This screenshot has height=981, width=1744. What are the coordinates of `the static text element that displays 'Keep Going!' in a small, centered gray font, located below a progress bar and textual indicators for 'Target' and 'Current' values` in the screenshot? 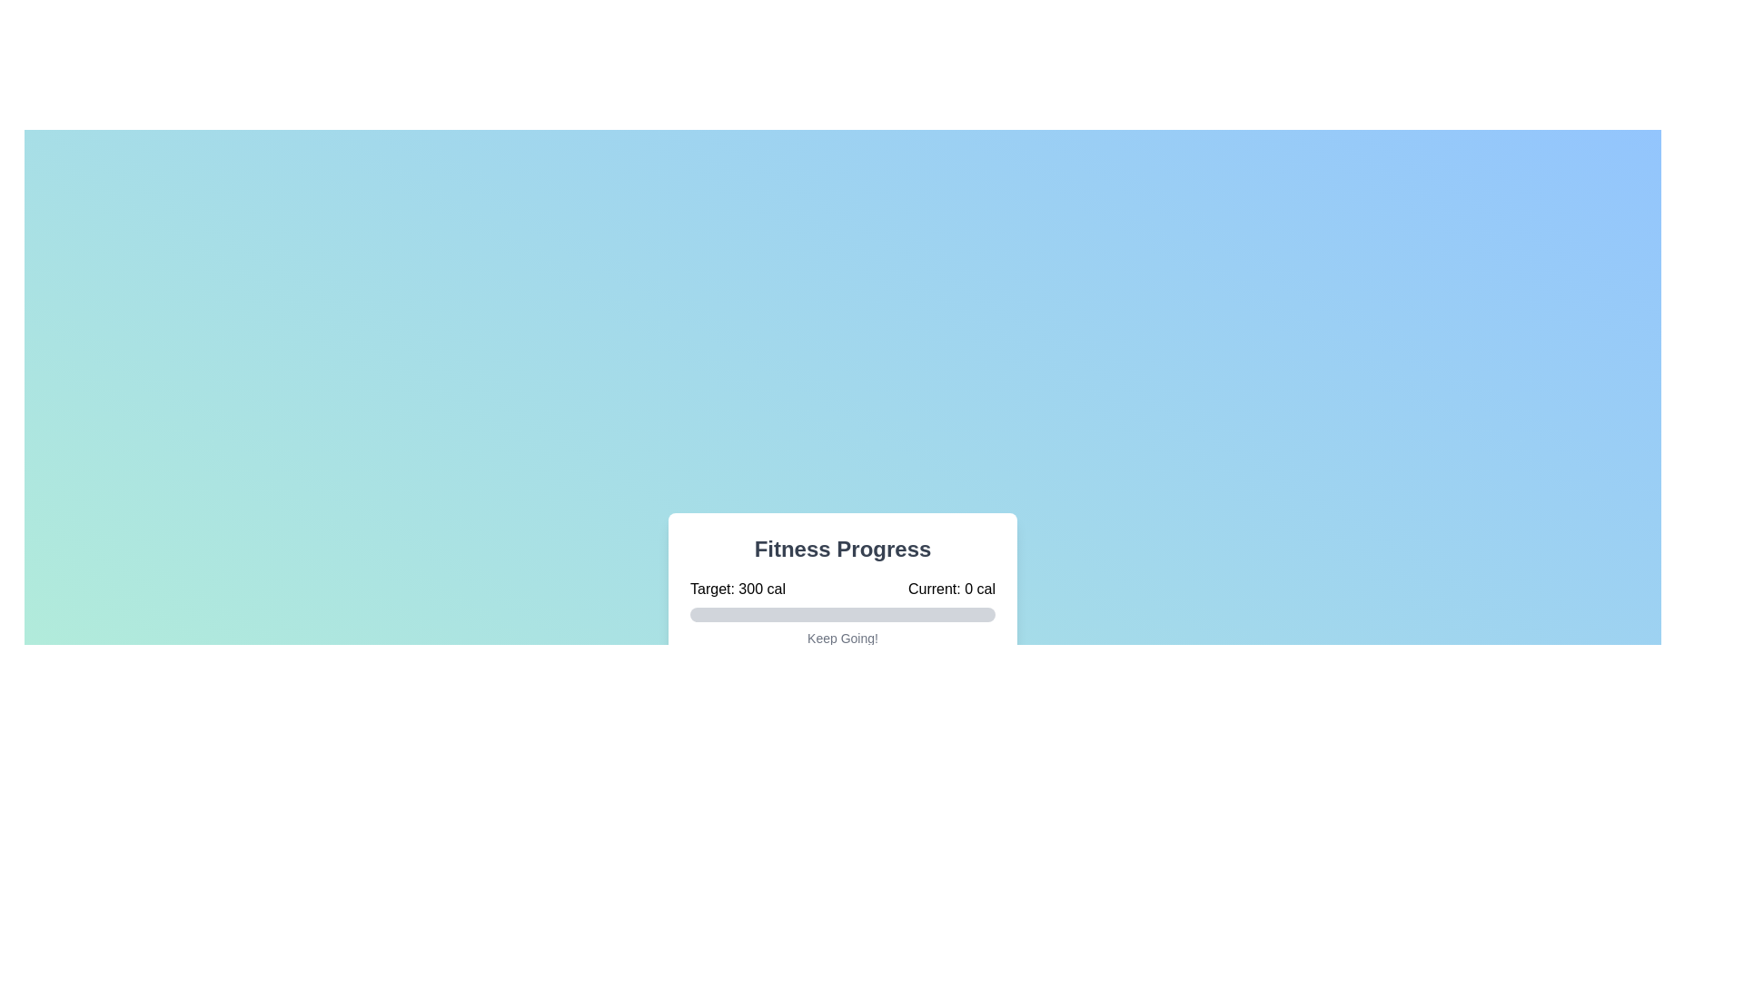 It's located at (841, 637).